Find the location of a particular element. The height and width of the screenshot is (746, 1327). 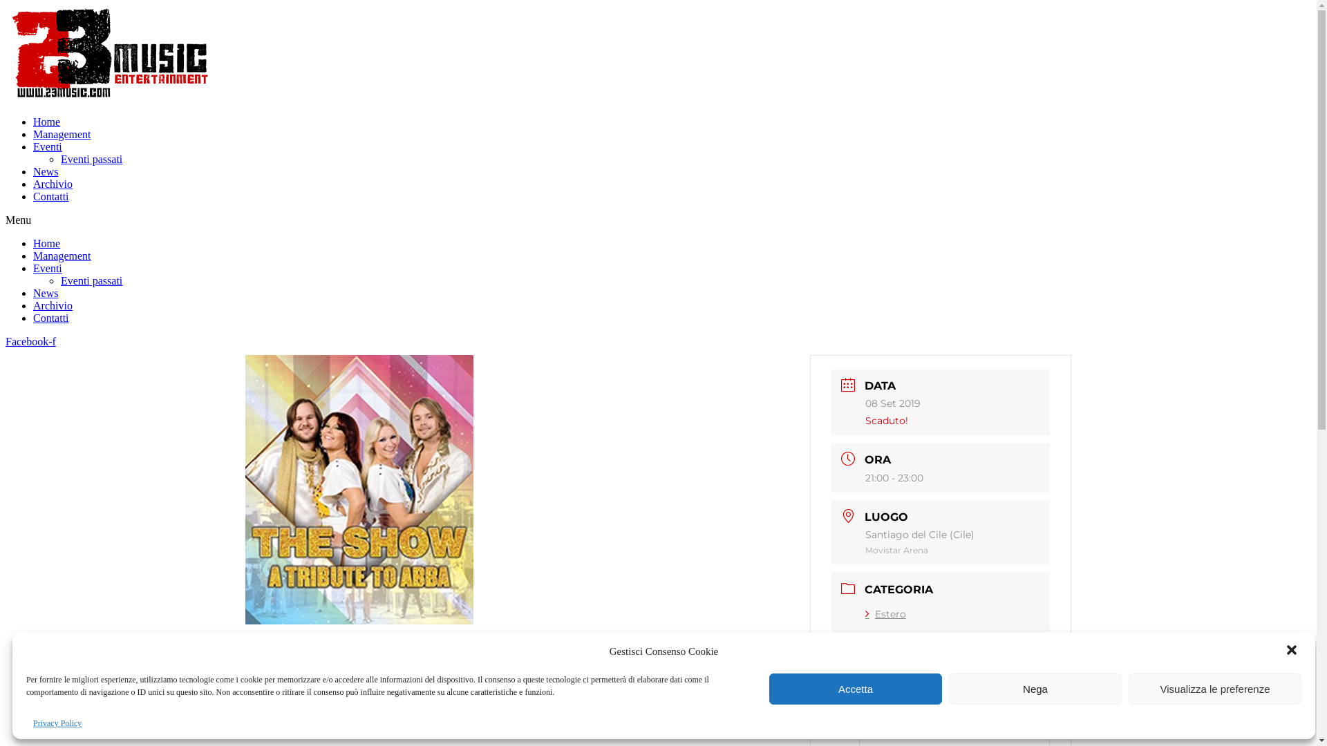

'Eventi passati' is located at coordinates (91, 280).